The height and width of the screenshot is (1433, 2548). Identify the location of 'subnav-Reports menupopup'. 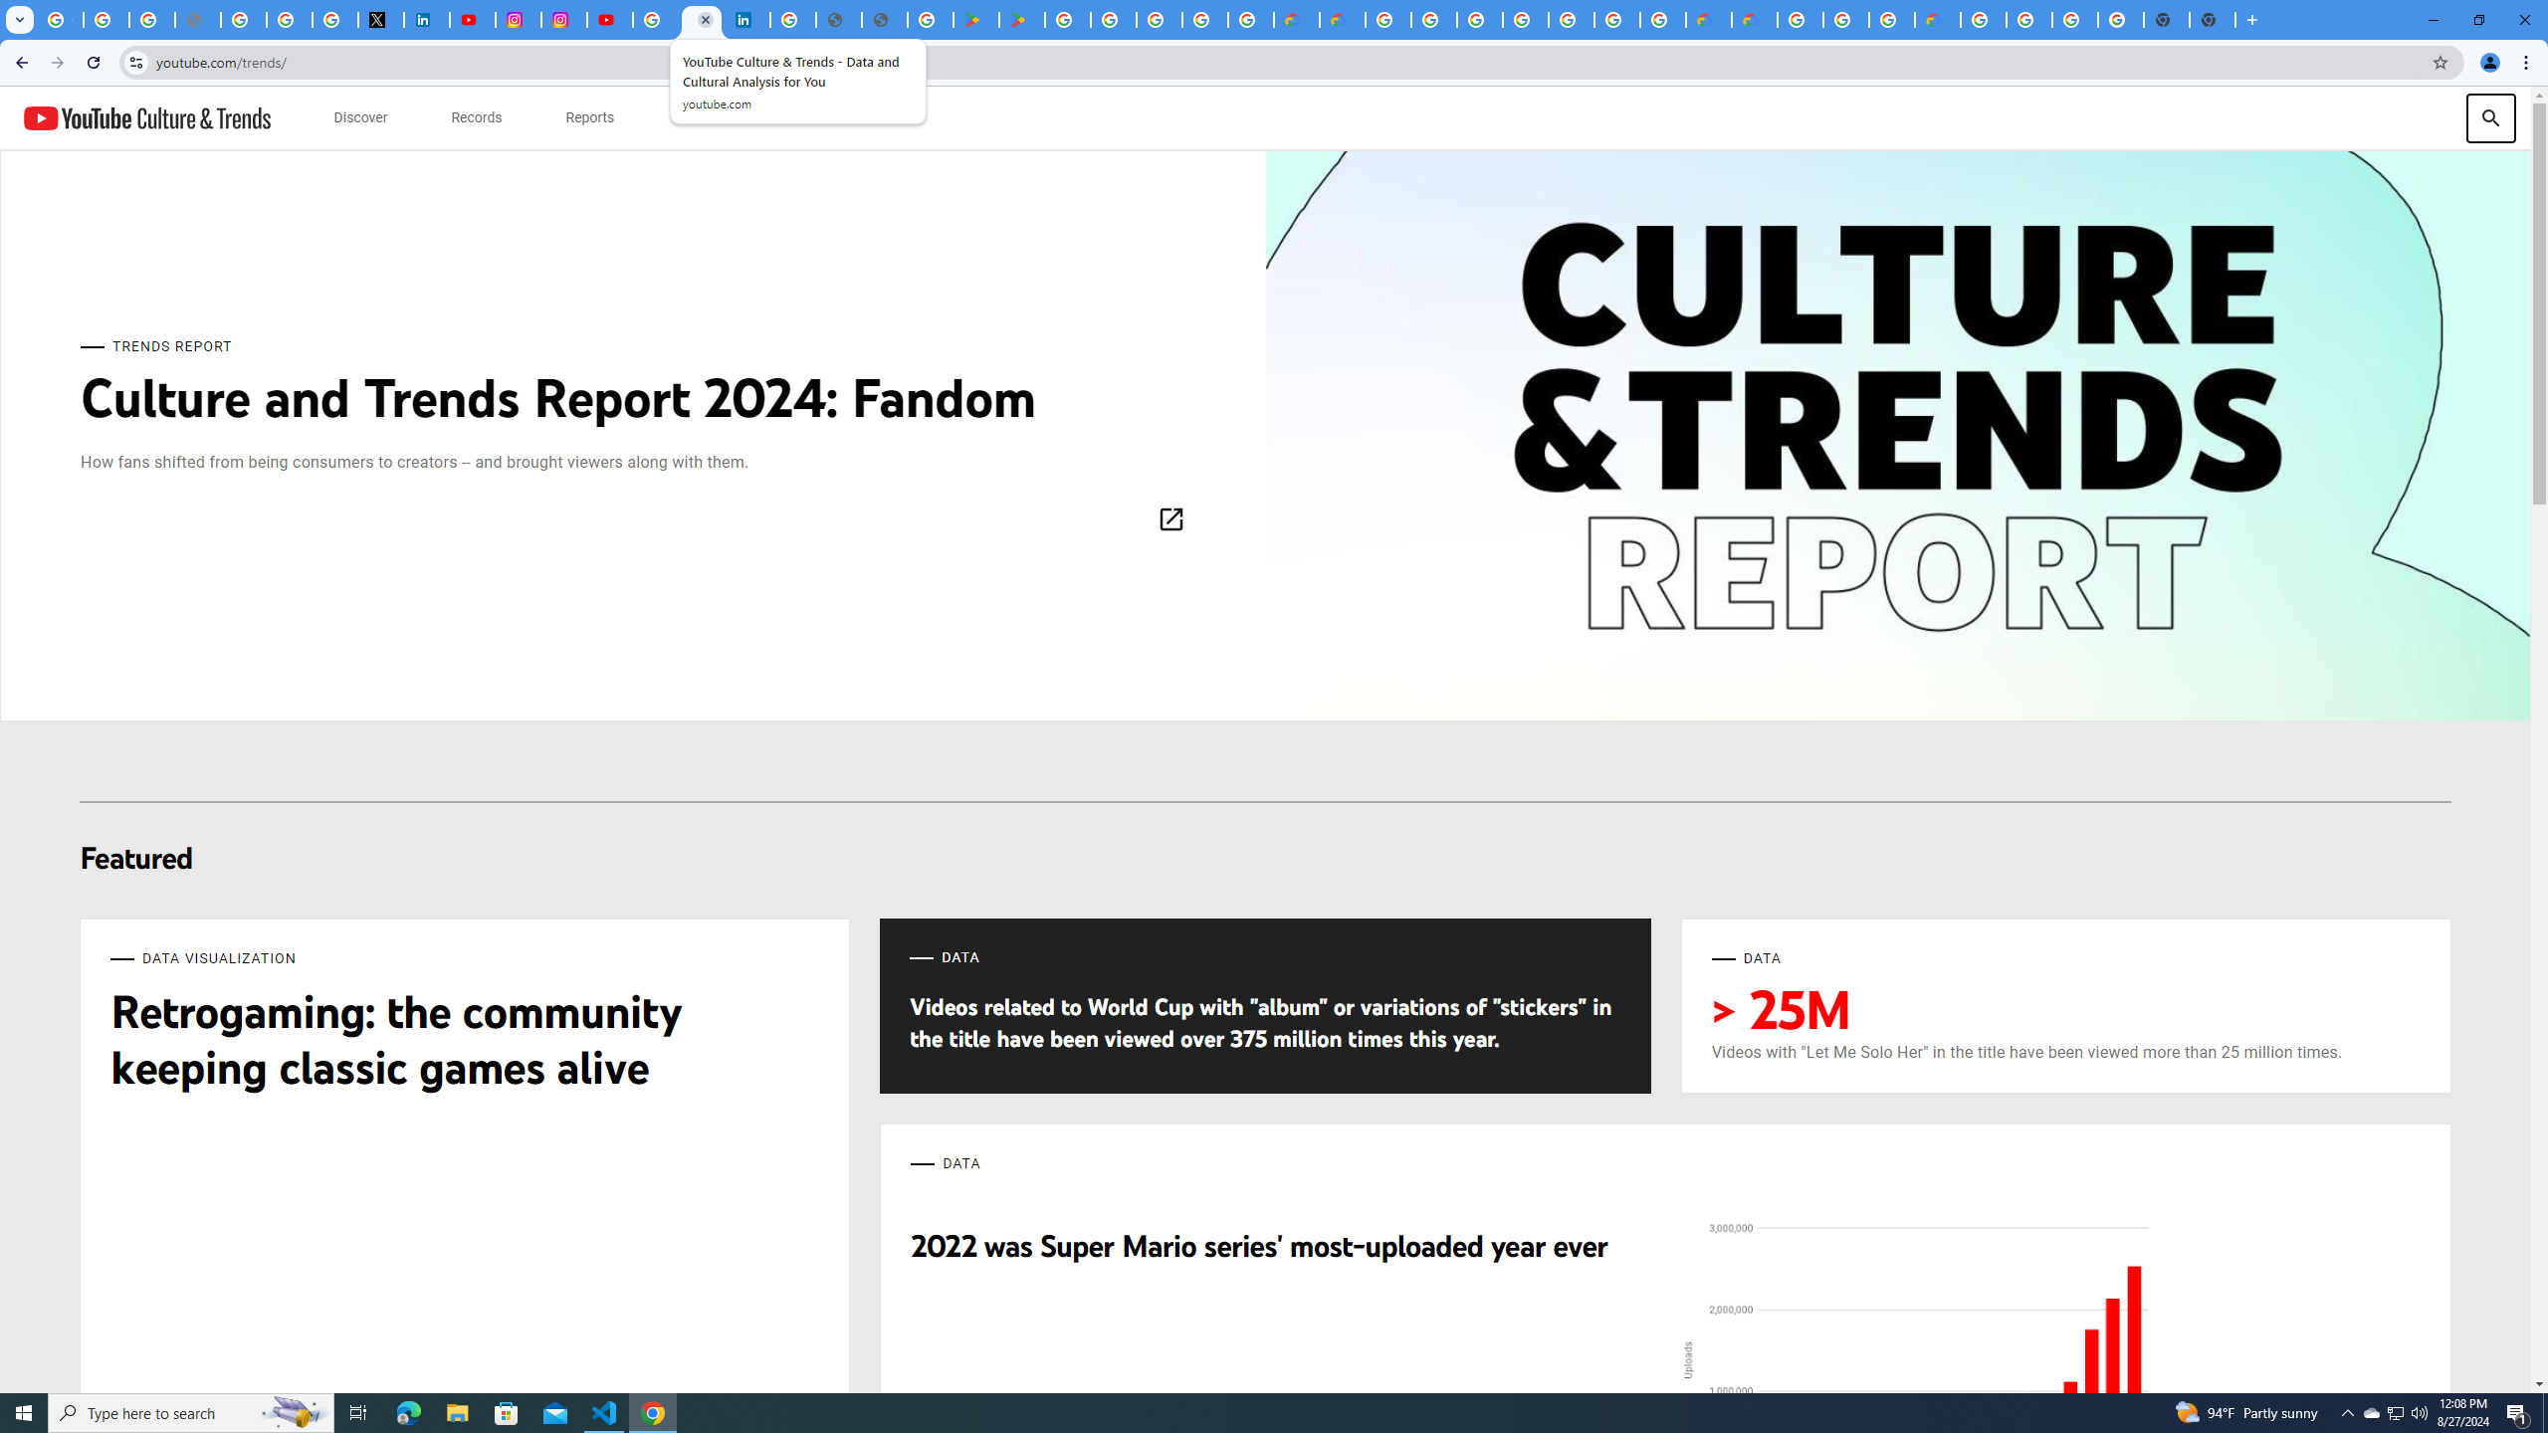
(588, 117).